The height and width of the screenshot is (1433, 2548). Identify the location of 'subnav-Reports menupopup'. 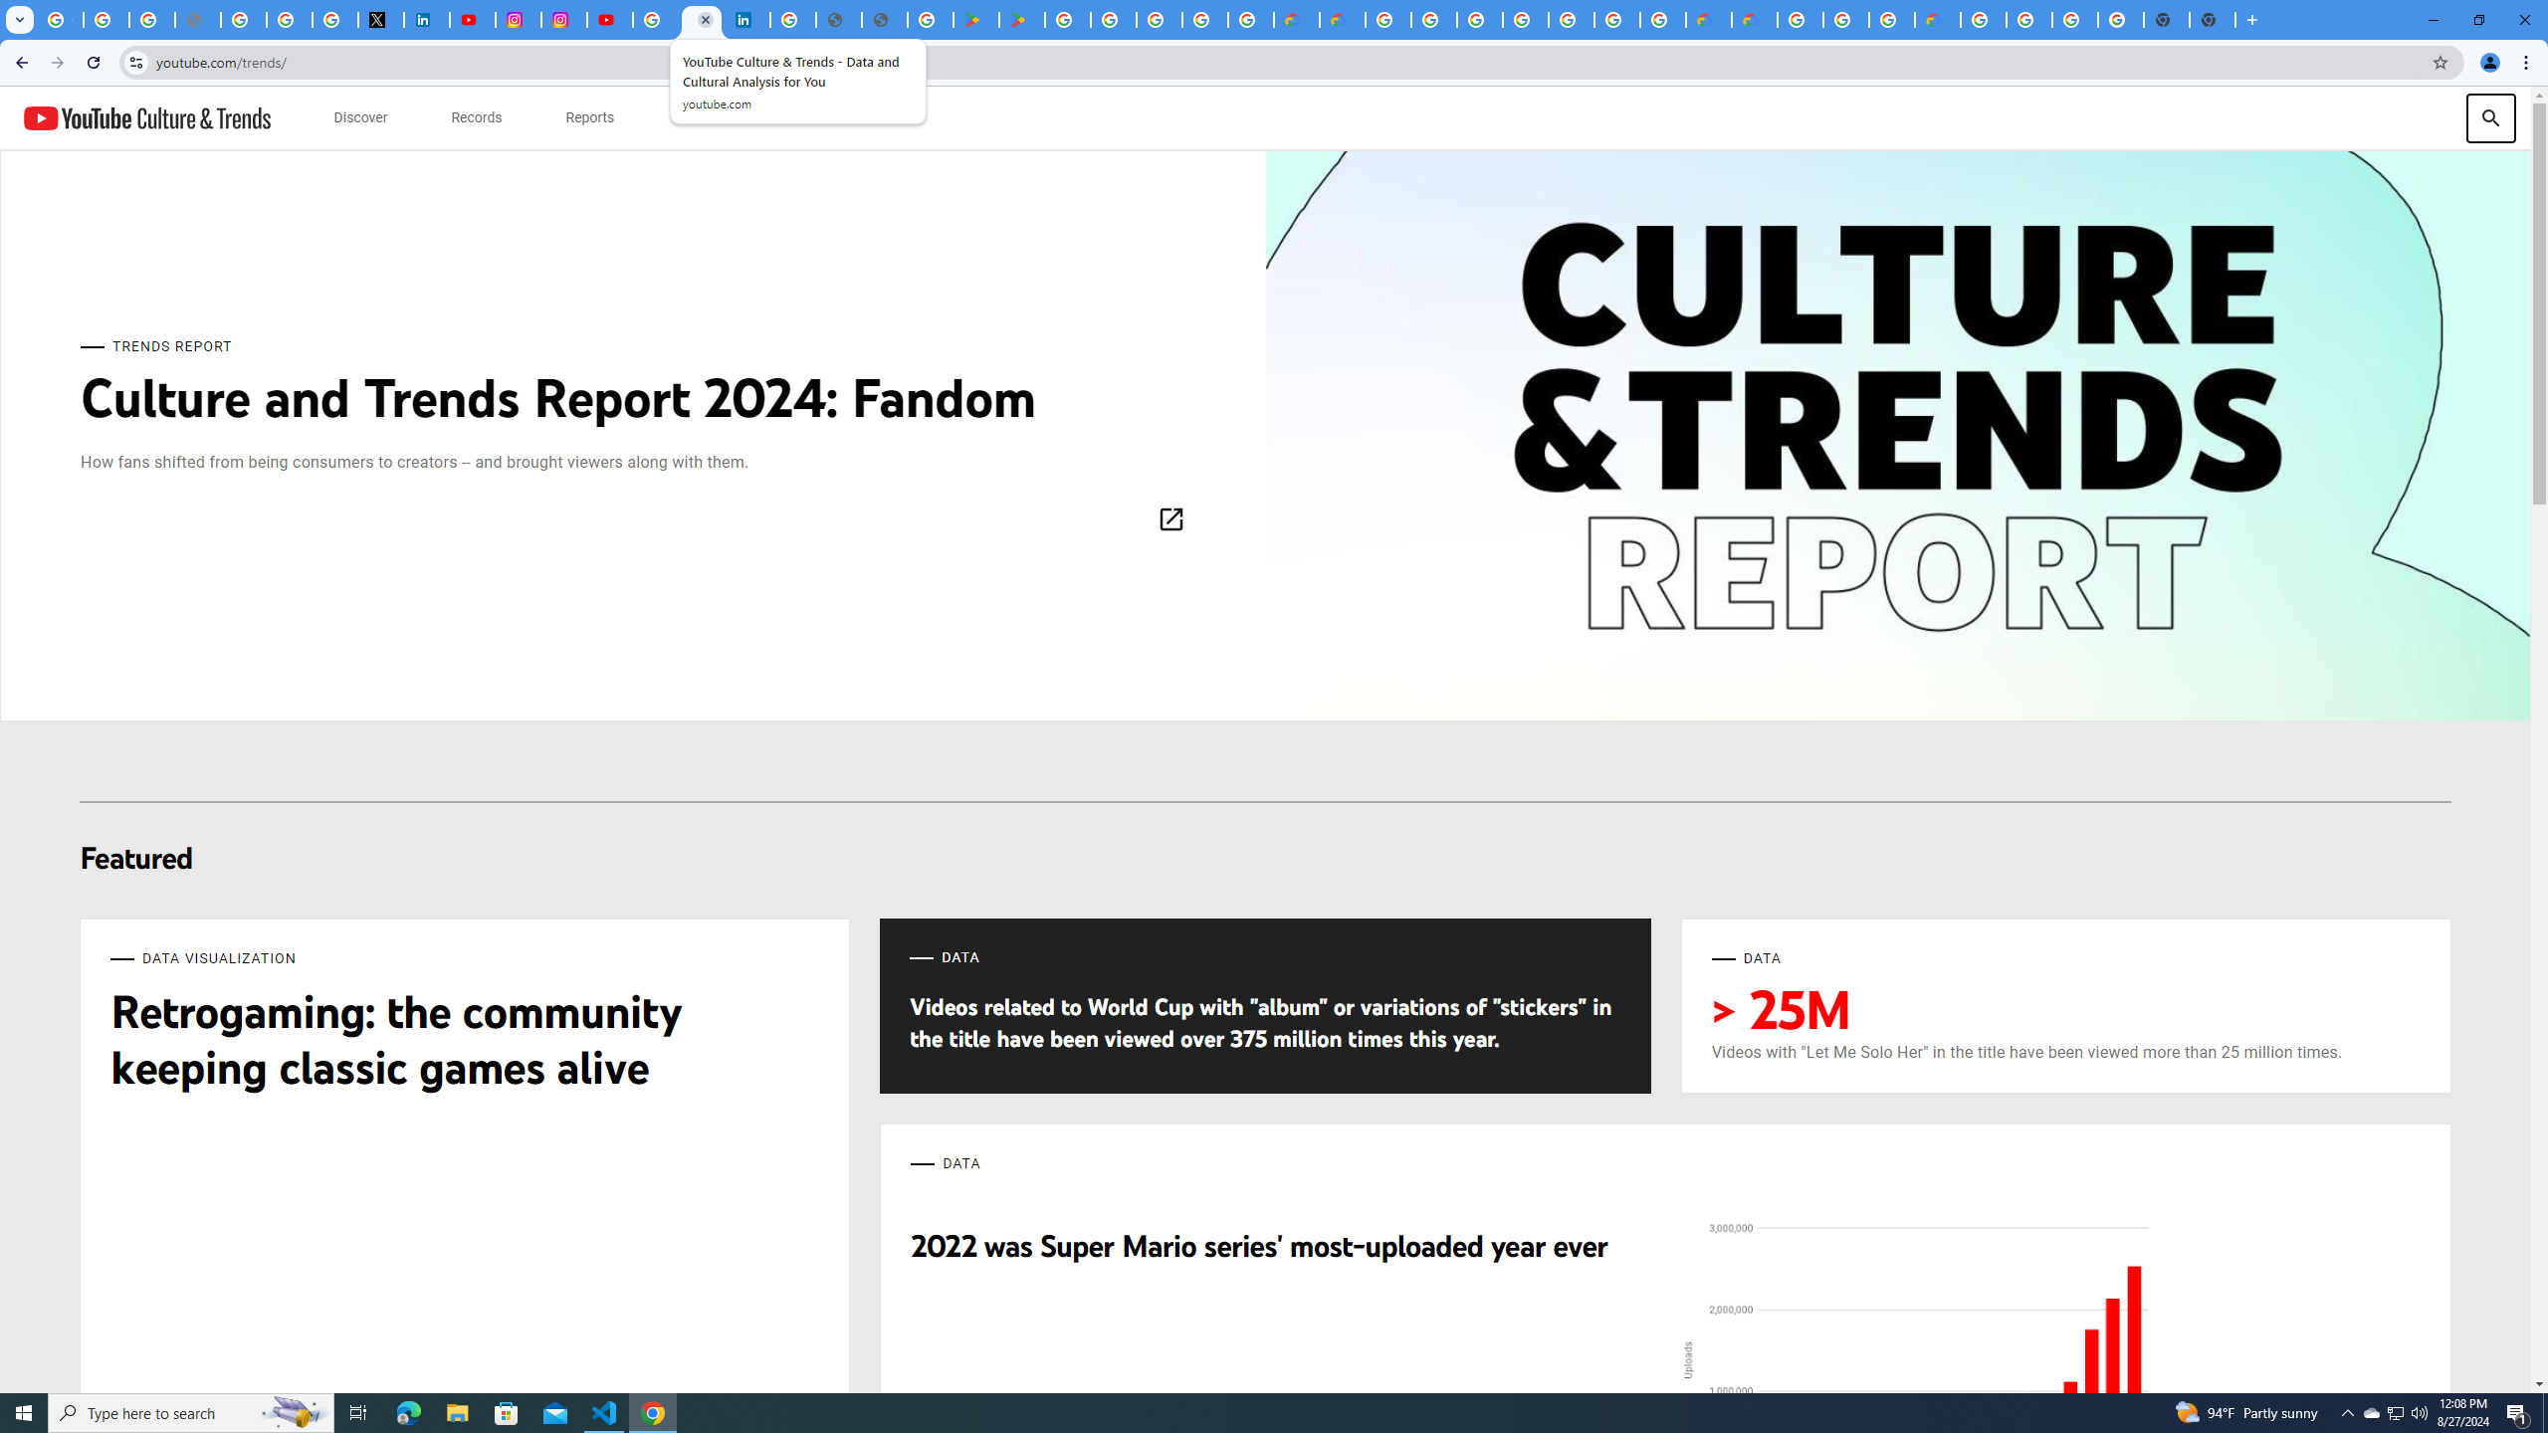
(588, 117).